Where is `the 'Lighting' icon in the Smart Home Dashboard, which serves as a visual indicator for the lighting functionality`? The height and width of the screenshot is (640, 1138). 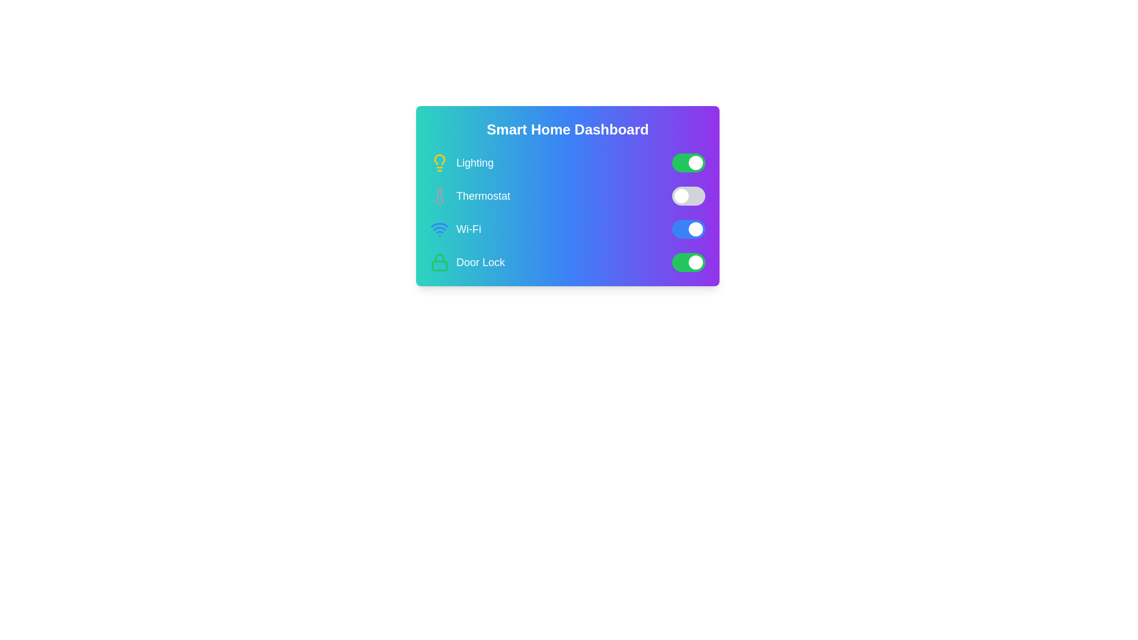
the 'Lighting' icon in the Smart Home Dashboard, which serves as a visual indicator for the lighting functionality is located at coordinates (439, 162).